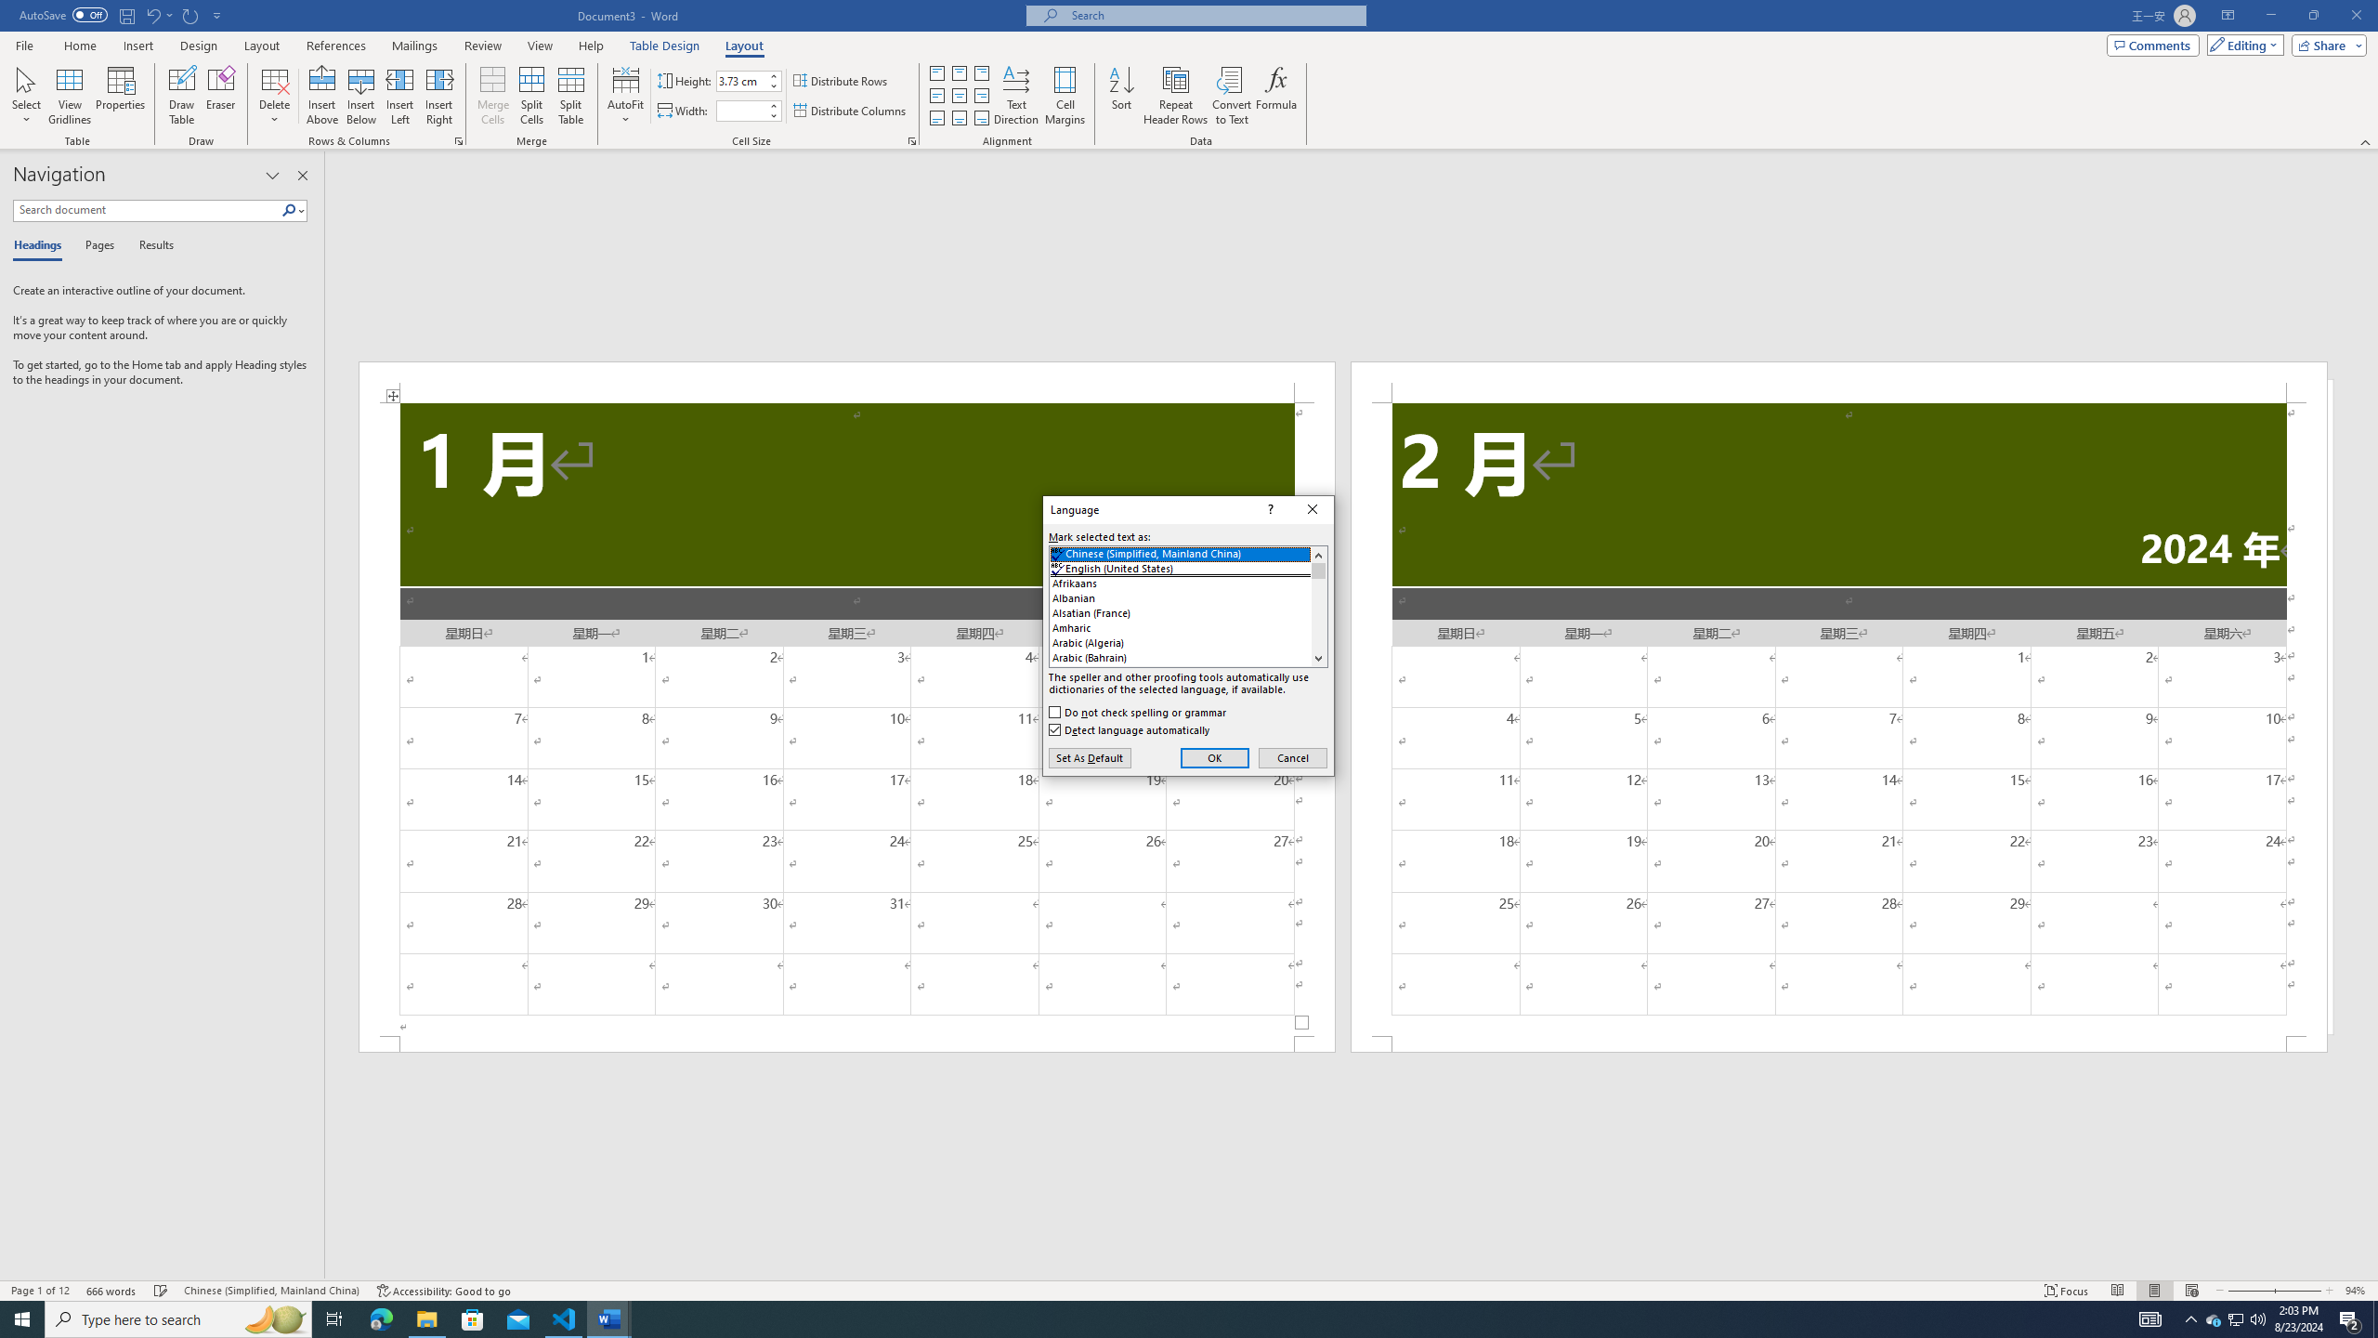 This screenshot has height=1338, width=2378. I want to click on 'File Explorer - 1 running window', so click(425, 1318).